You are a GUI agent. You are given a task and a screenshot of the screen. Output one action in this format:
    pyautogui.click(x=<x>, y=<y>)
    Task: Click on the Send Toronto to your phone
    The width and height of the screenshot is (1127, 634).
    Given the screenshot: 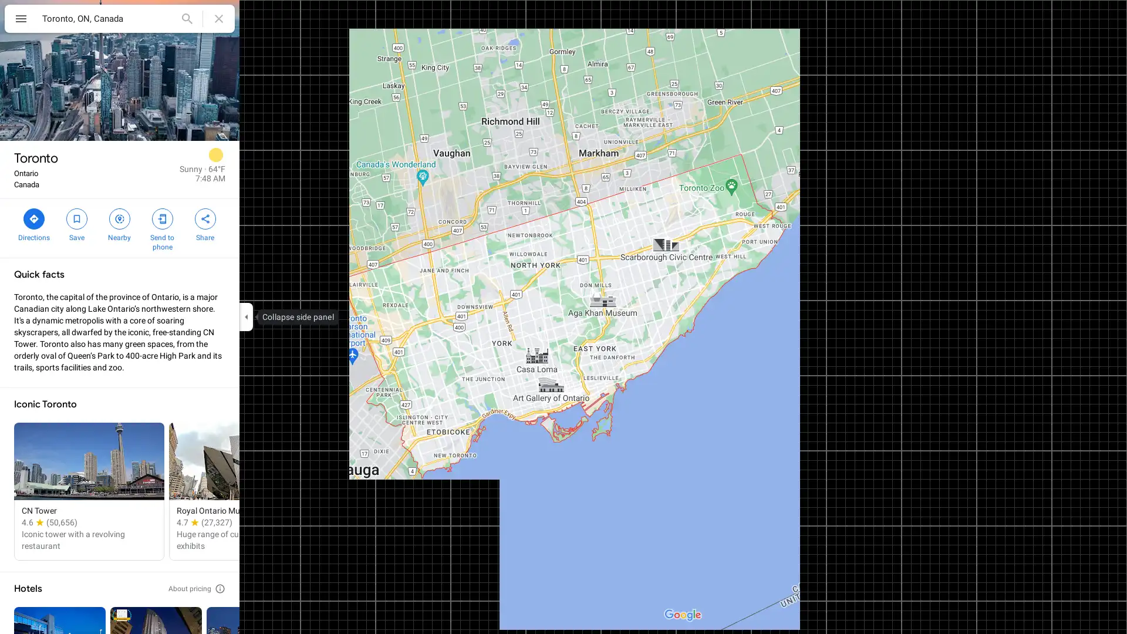 What is the action you would take?
    pyautogui.click(x=161, y=228)
    